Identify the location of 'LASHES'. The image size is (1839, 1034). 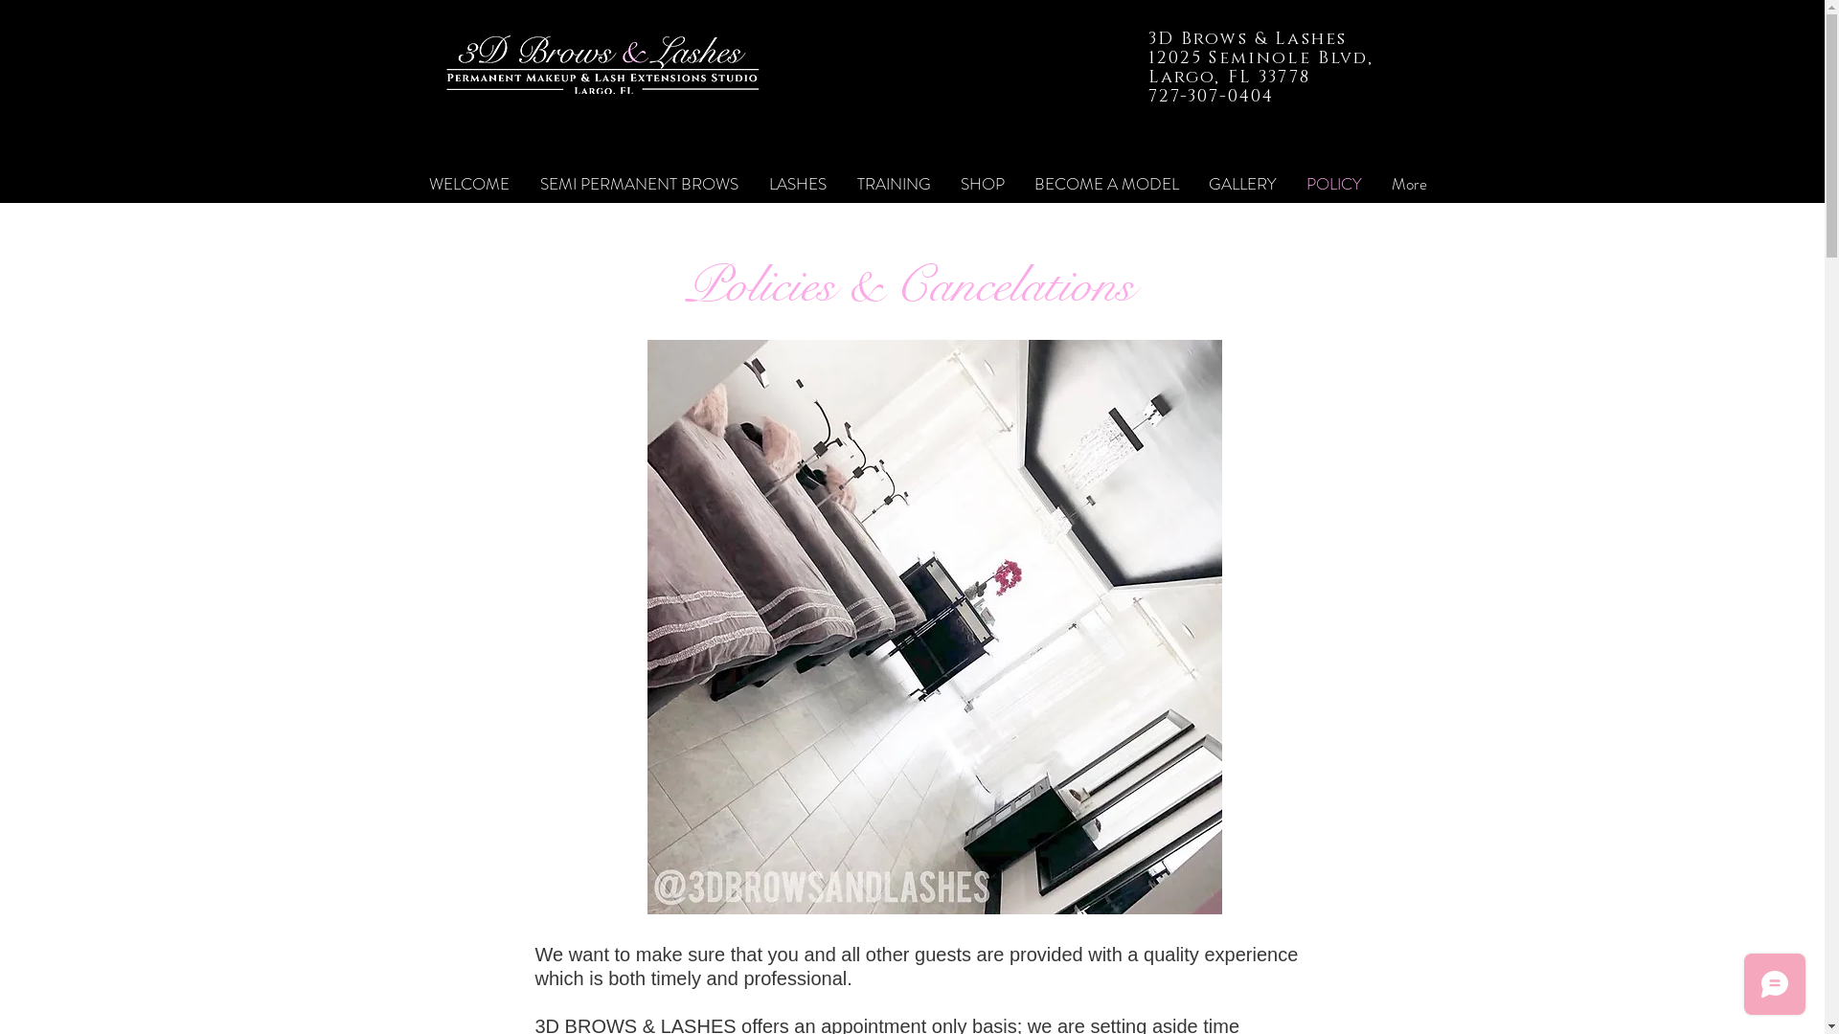
(796, 184).